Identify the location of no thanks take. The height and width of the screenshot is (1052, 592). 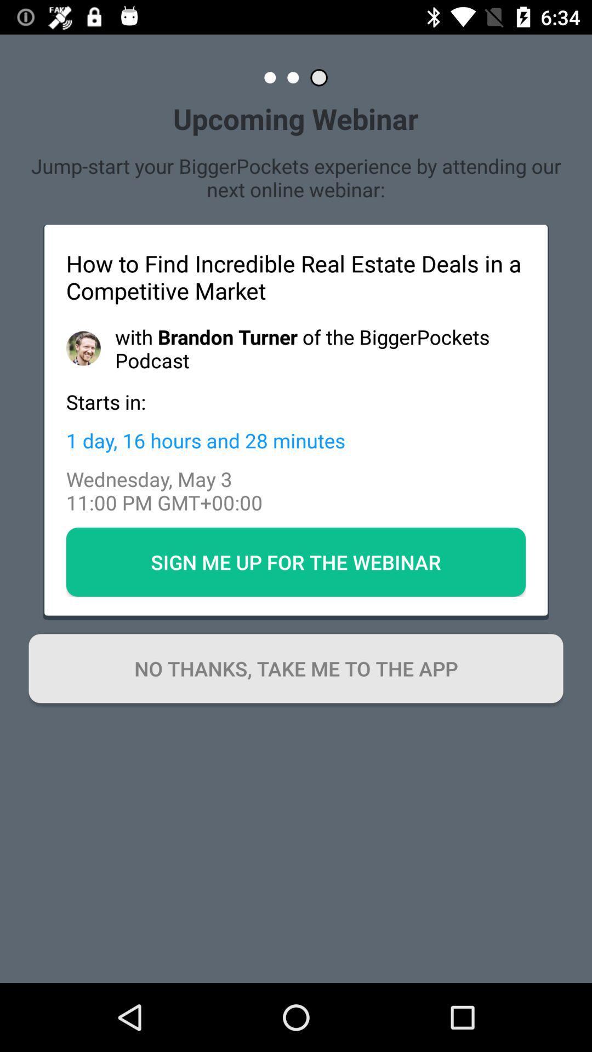
(296, 668).